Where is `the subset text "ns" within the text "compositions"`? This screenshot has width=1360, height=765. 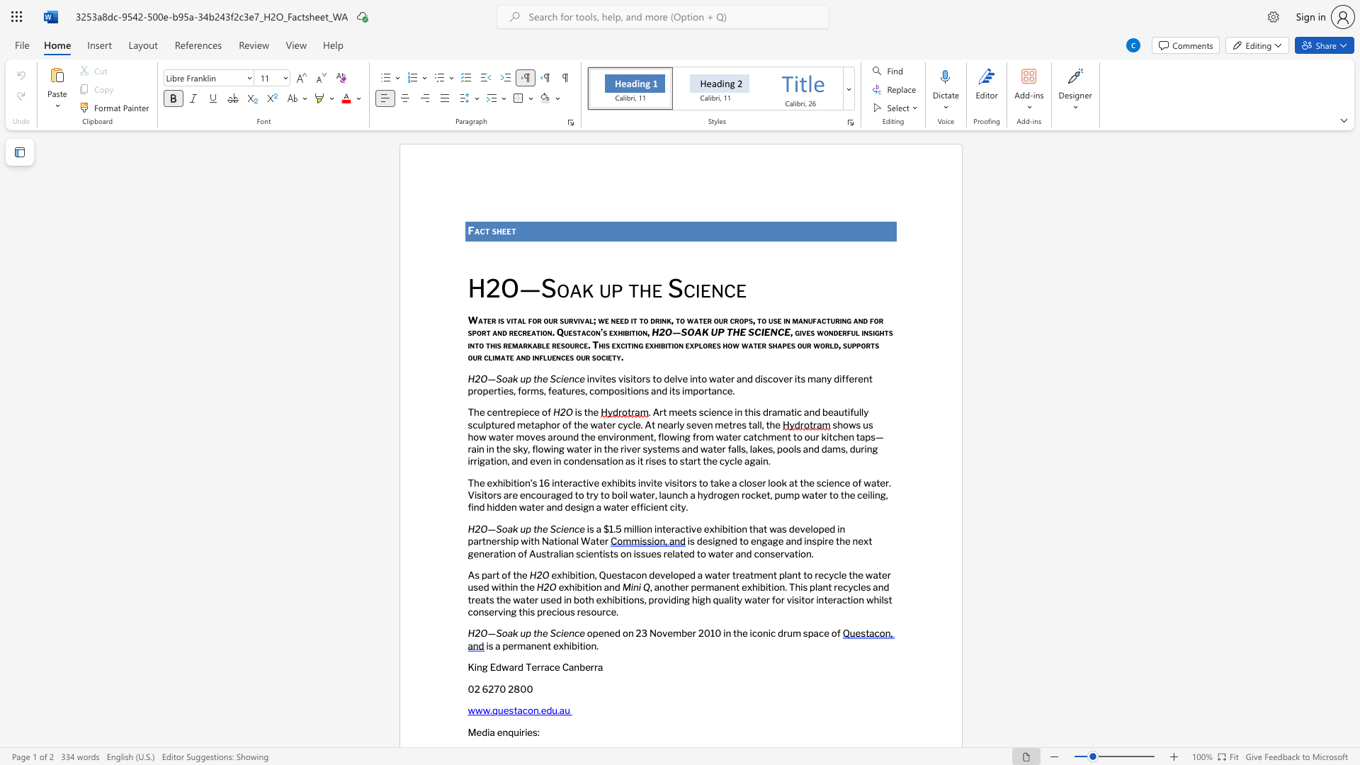
the subset text "ns" within the text "compositions" is located at coordinates (637, 390).